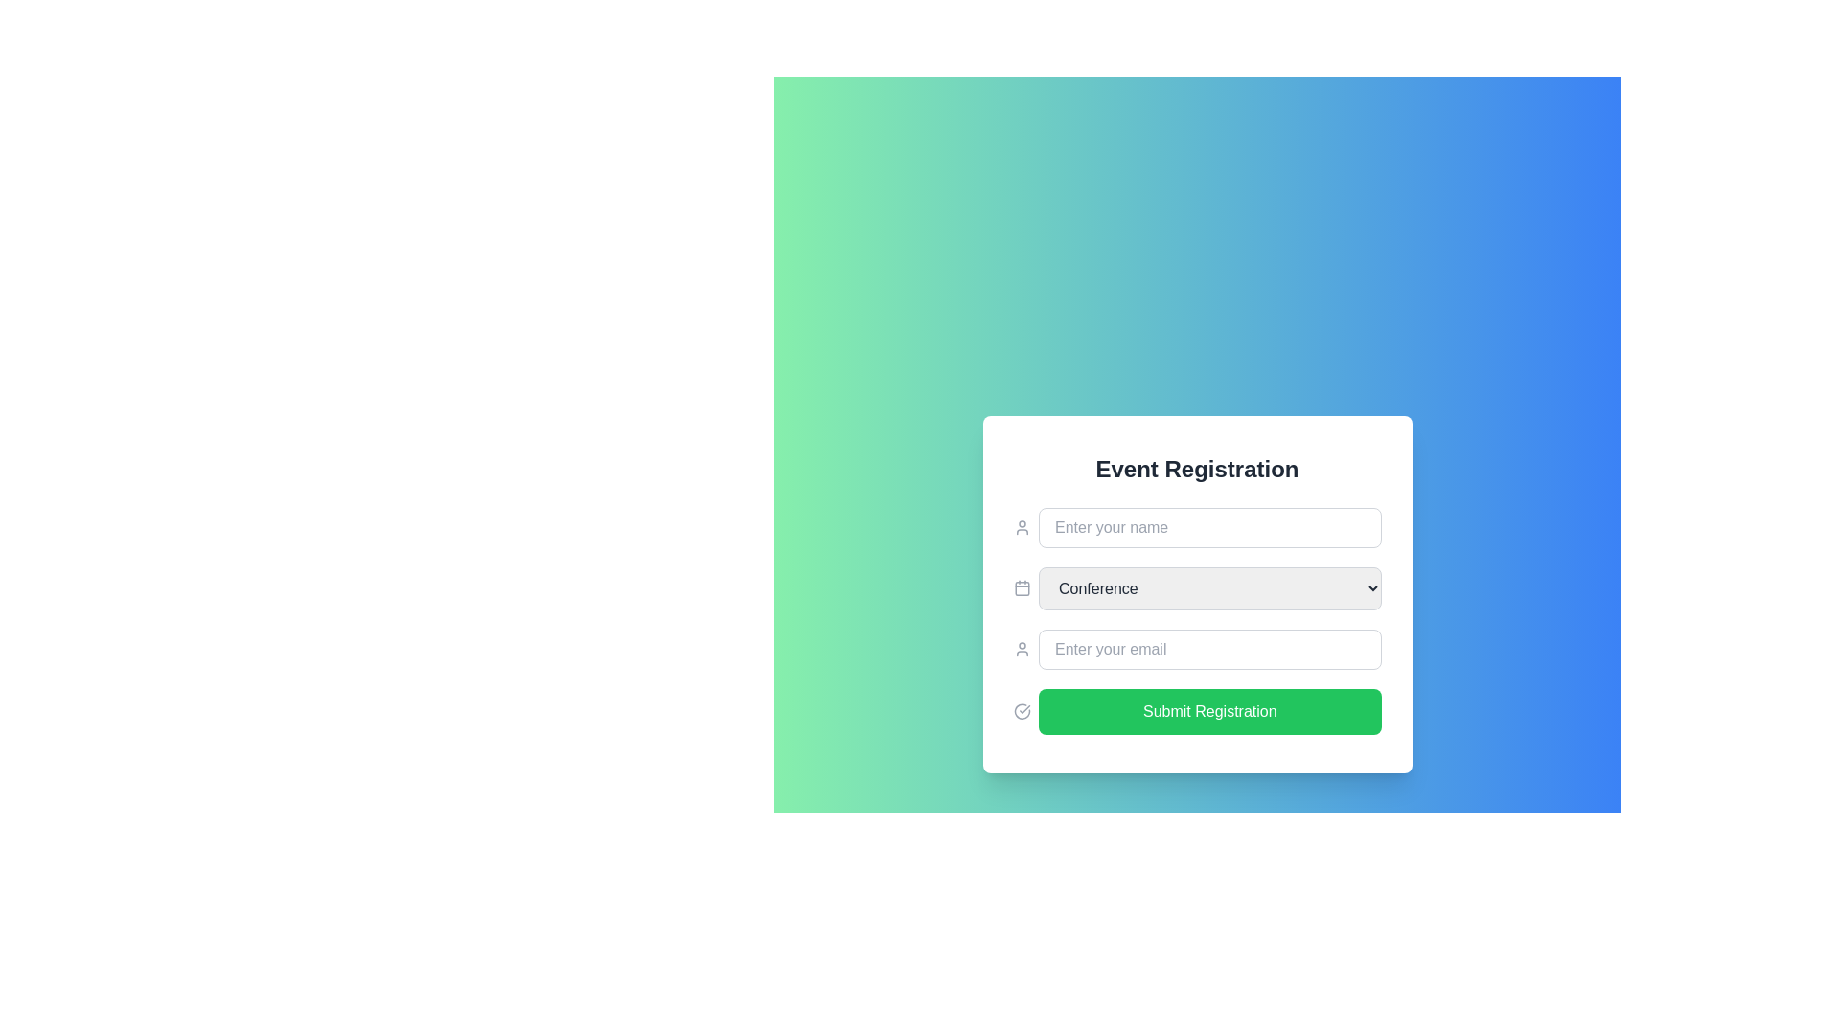 The height and width of the screenshot is (1035, 1840). I want to click on the Text label at the top of the event registration form, which serves as the heading indicating the purpose of the form, so click(1196, 469).